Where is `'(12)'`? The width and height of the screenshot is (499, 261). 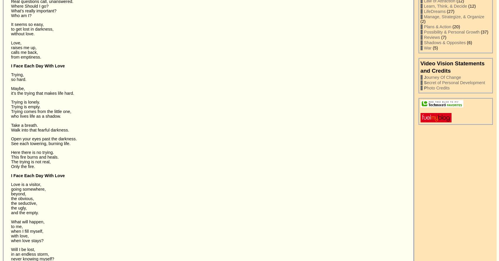 '(12)' is located at coordinates (467, 6).